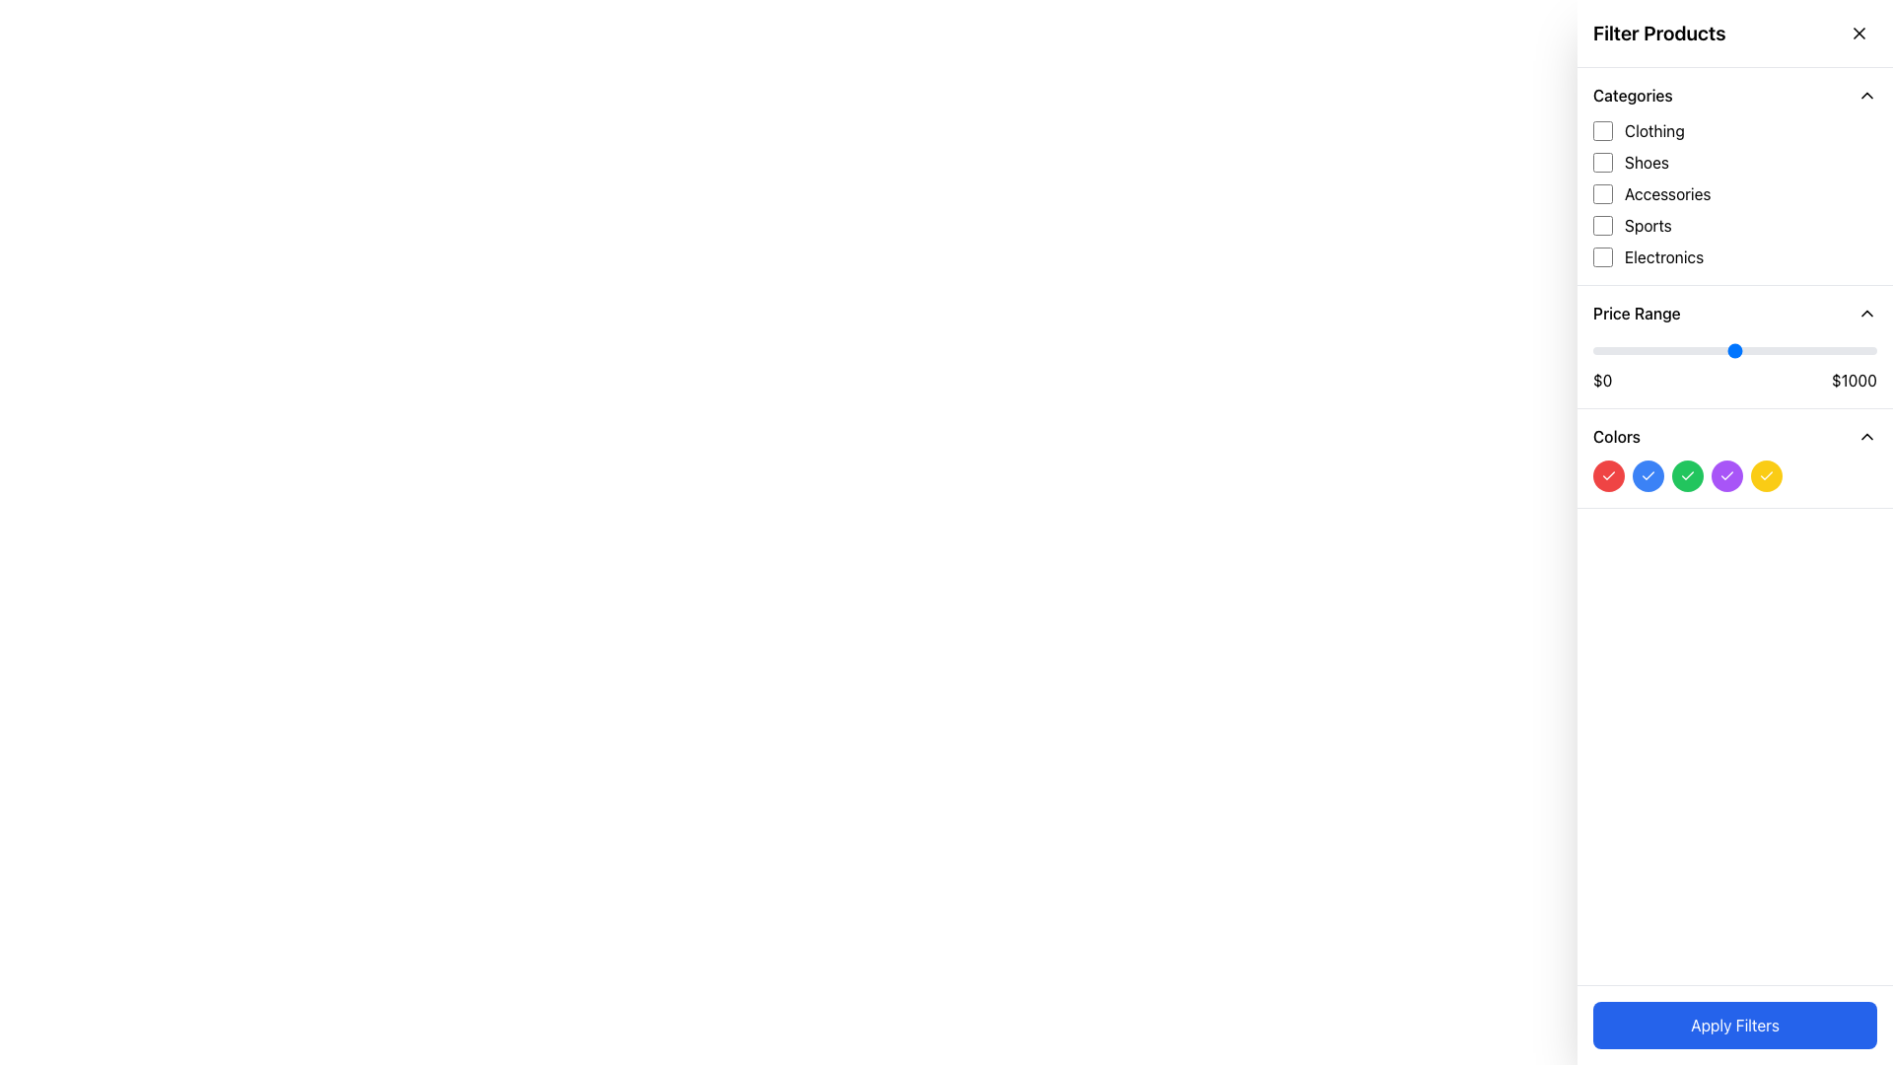 This screenshot has width=1893, height=1065. What do you see at coordinates (1648, 224) in the screenshot?
I see `the 'Sports' category text label located in the 'Categories' section of the filter sidebar` at bounding box center [1648, 224].